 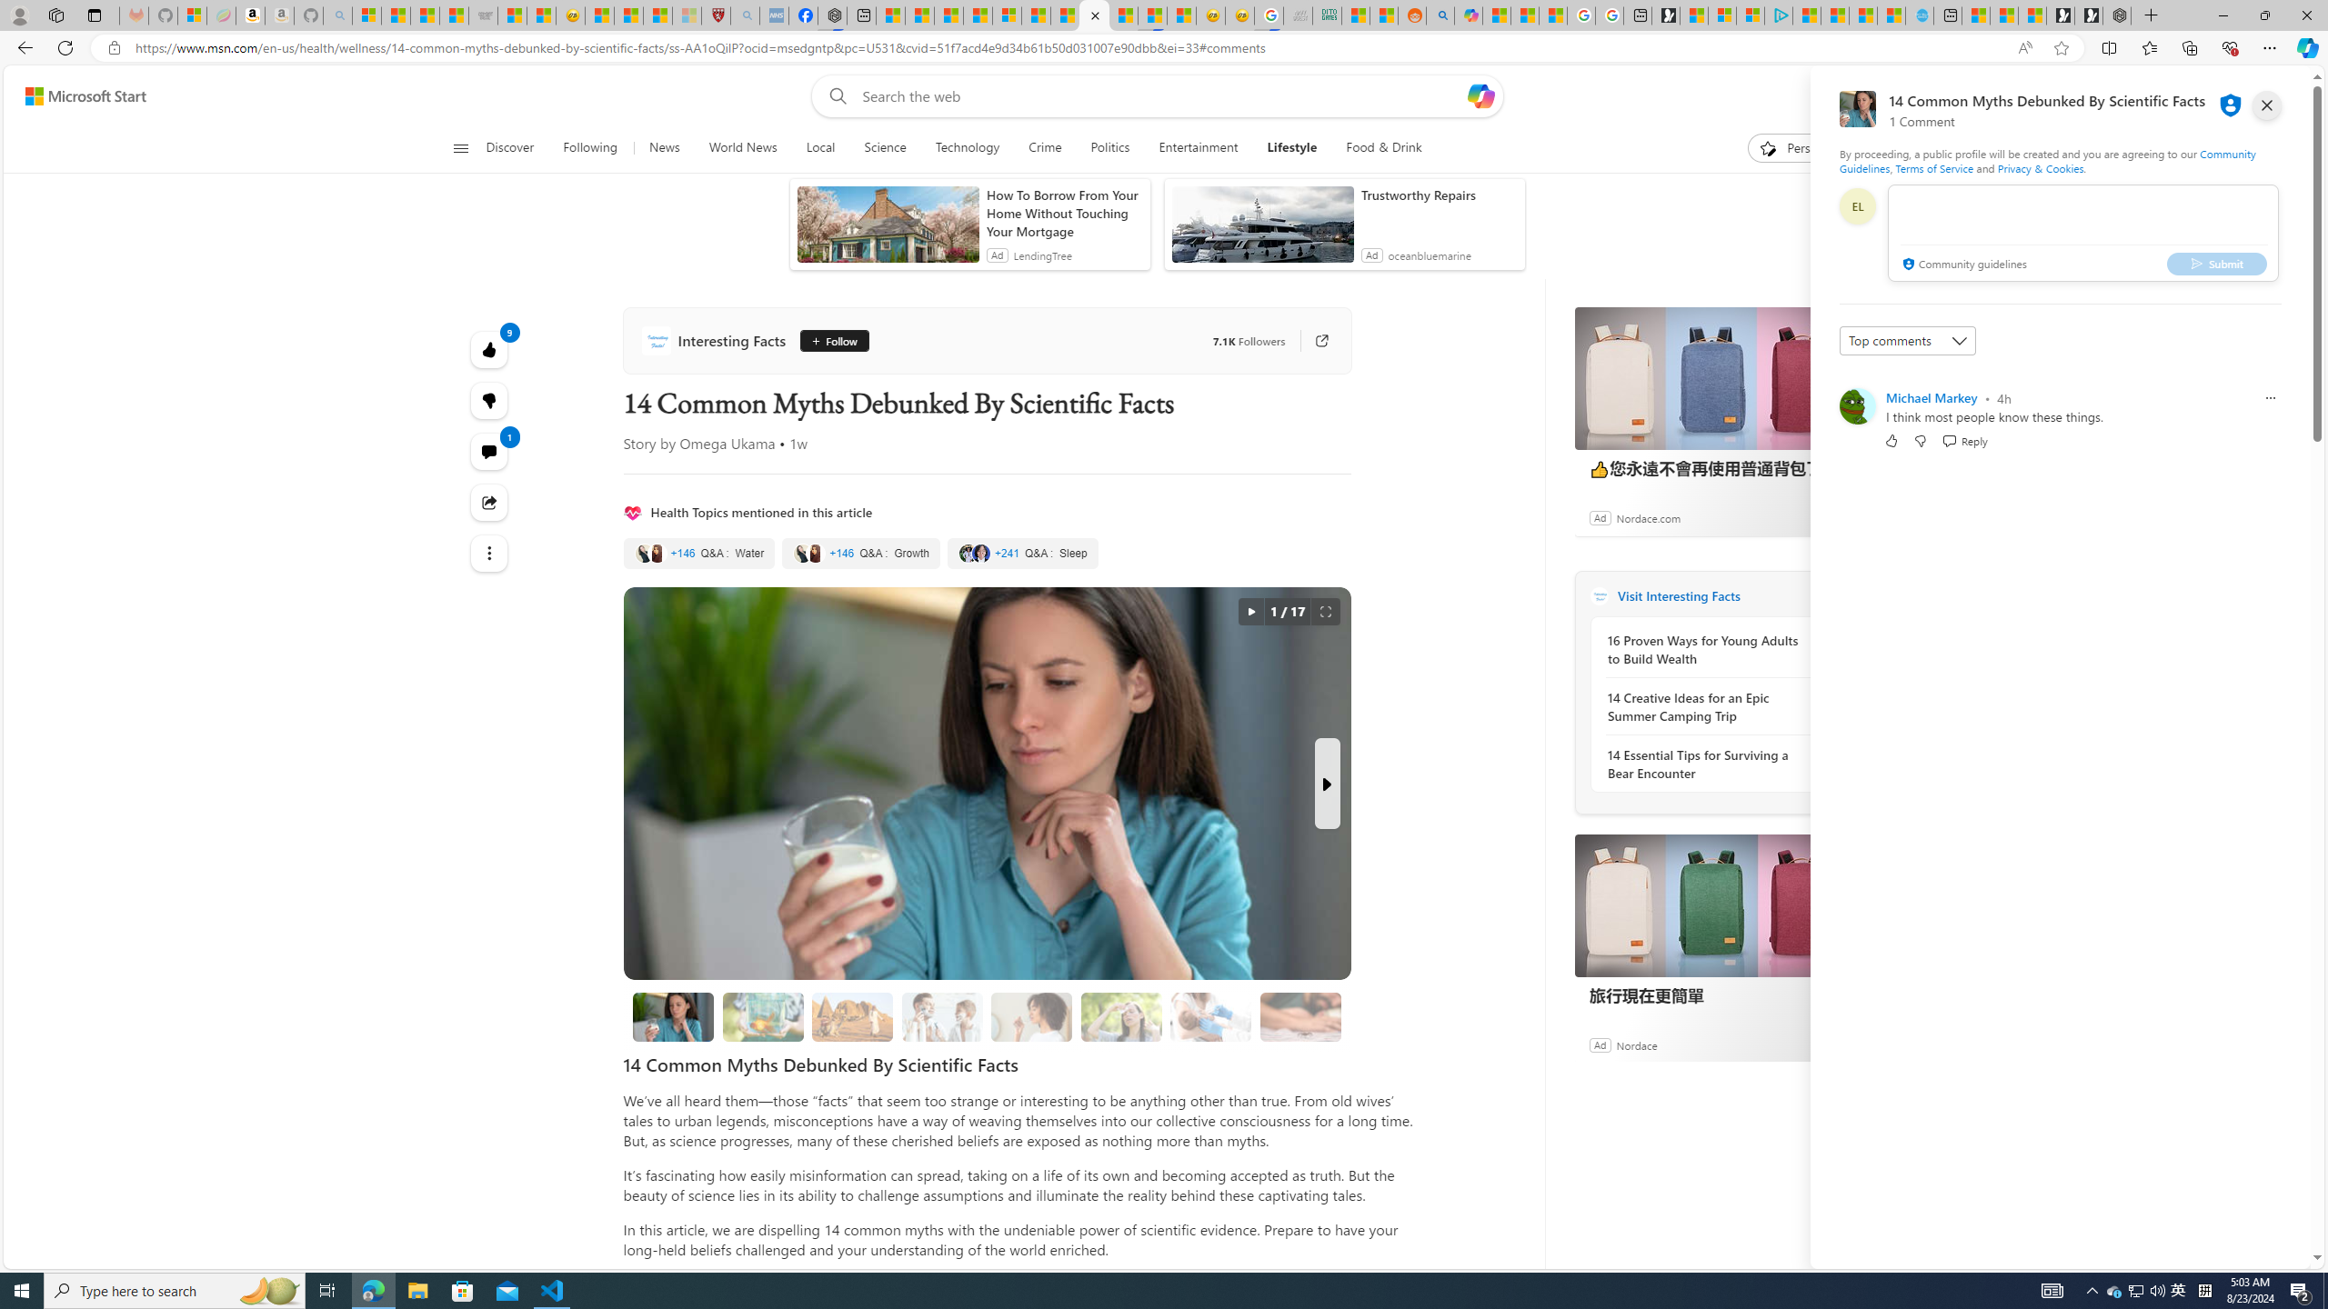 What do you see at coordinates (2216, 262) in the screenshot?
I see `'Submit'` at bounding box center [2216, 262].